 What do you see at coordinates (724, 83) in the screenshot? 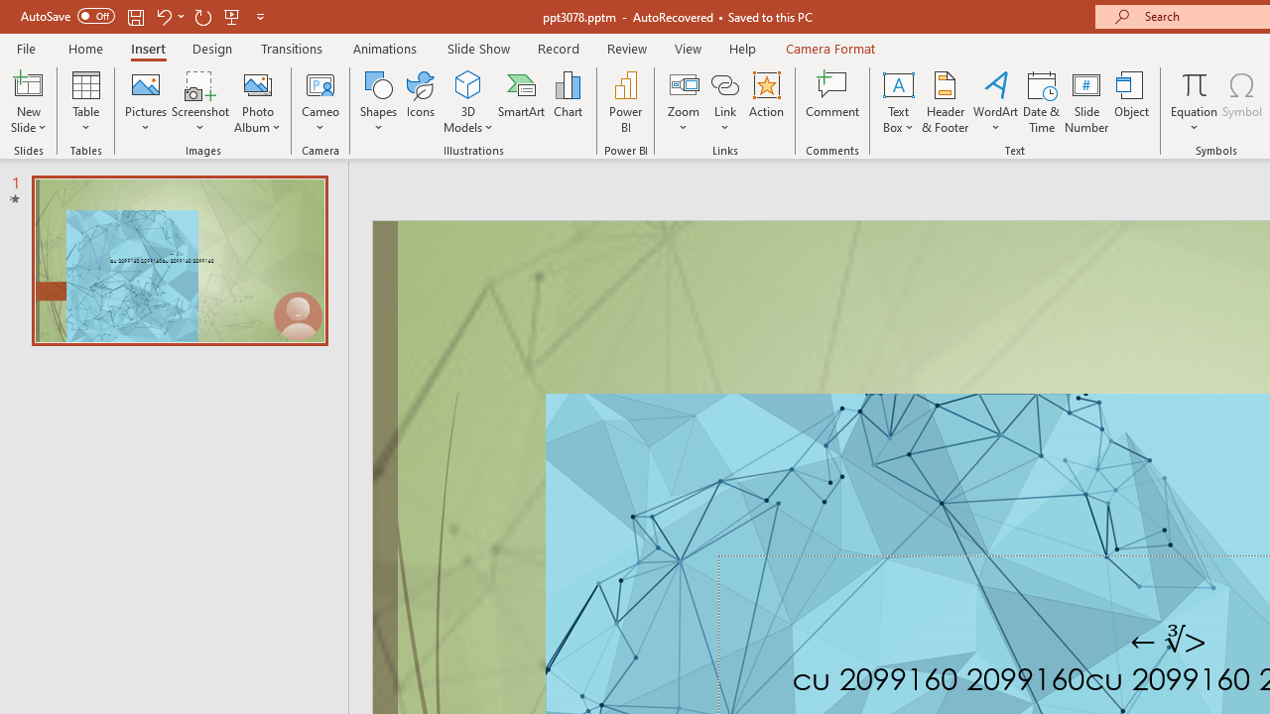
I see `'Link'` at bounding box center [724, 83].